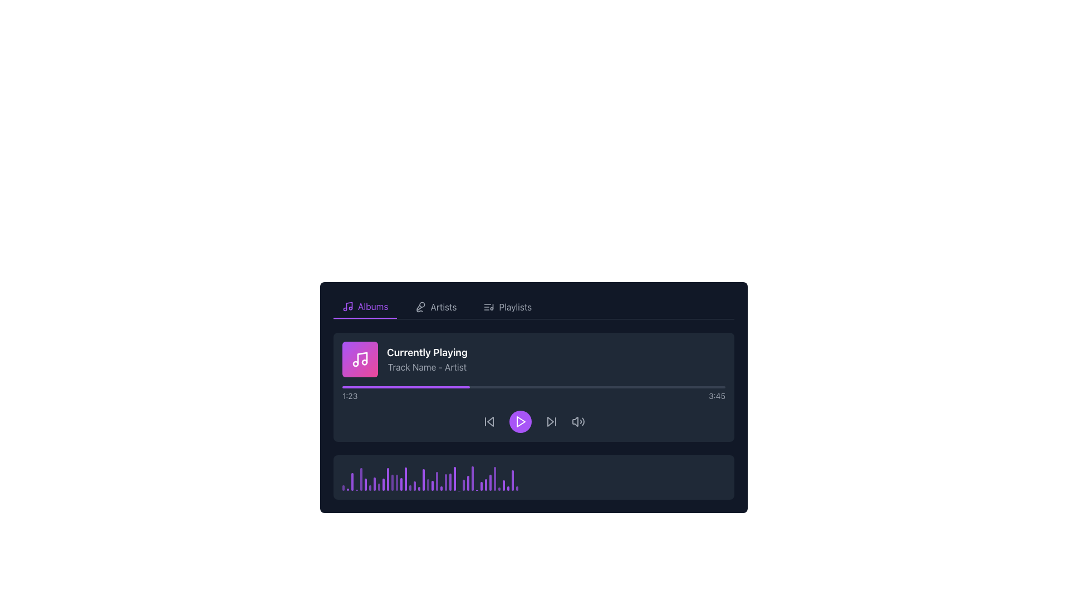 This screenshot has height=601, width=1069. Describe the element at coordinates (384, 484) in the screenshot. I see `the 10th purple vertical bar with rounded edges in the graph section of the interface` at that location.